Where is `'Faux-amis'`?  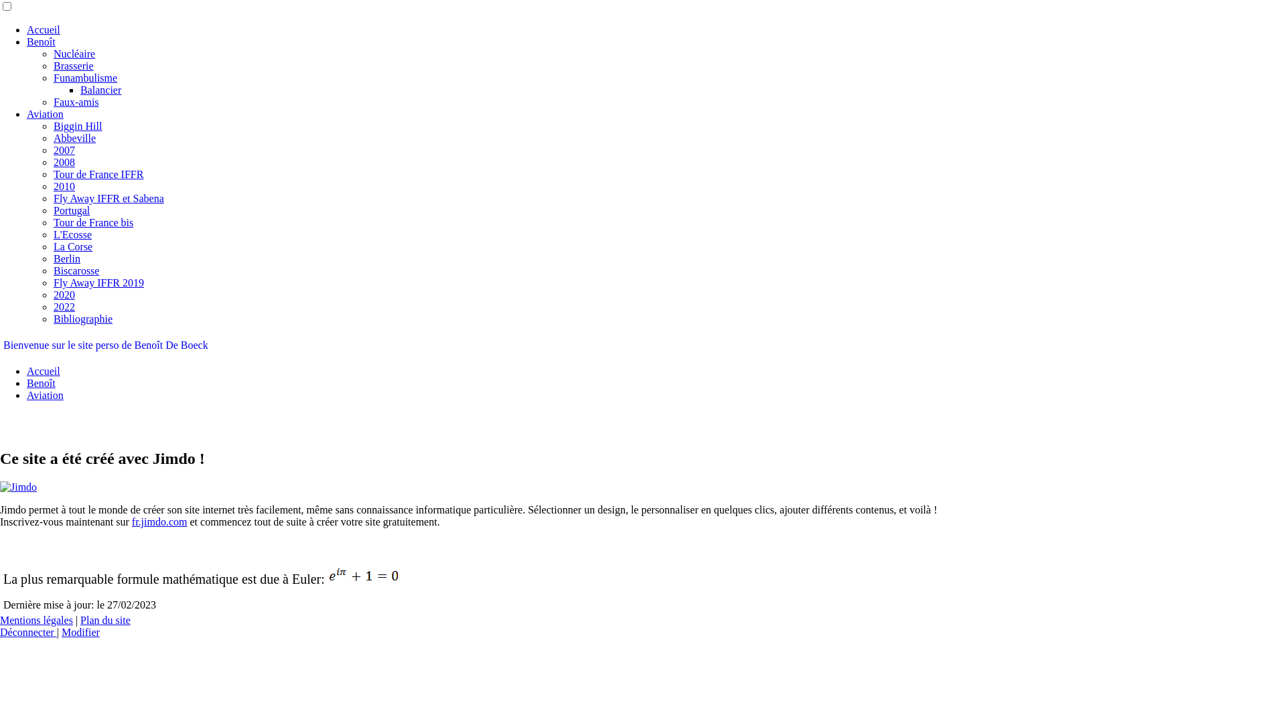
'Faux-amis' is located at coordinates (76, 101).